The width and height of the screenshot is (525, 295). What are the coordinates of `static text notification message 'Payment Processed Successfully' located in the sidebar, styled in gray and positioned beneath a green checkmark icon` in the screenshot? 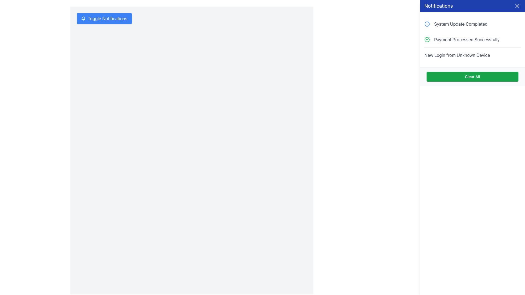 It's located at (466, 39).